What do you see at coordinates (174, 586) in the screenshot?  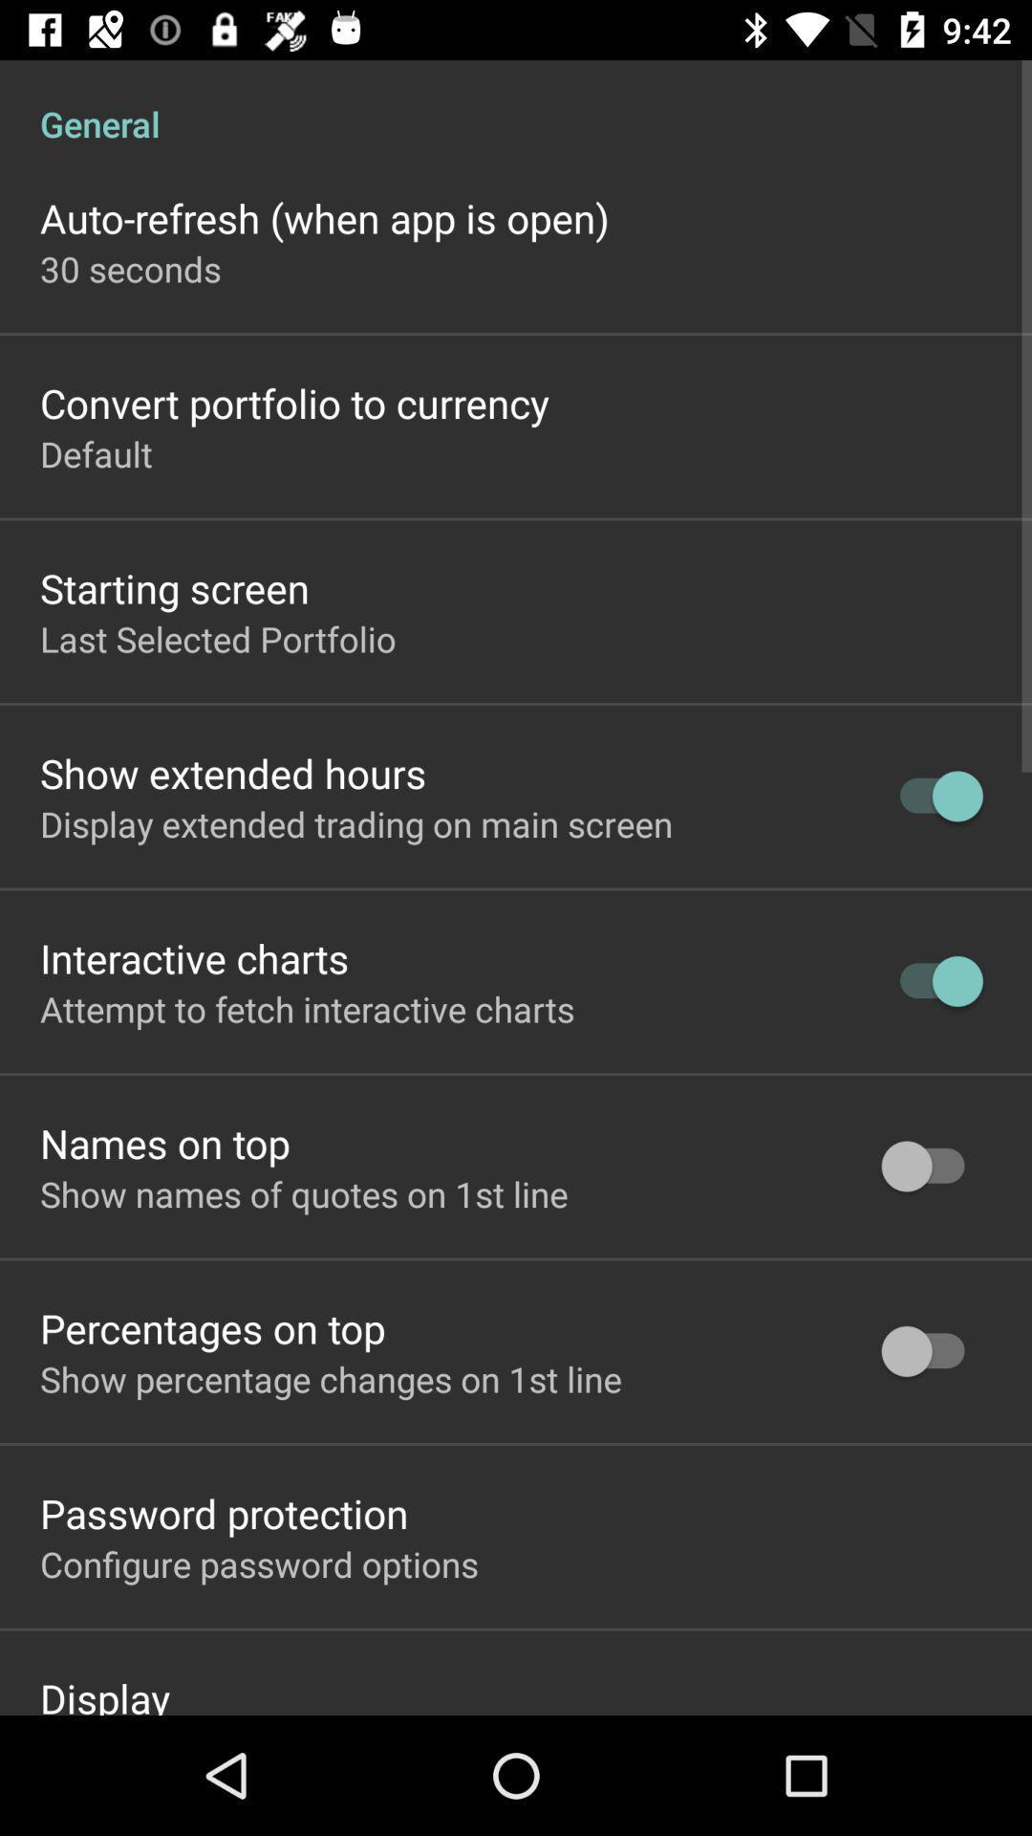 I see `app above last selected portfolio` at bounding box center [174, 586].